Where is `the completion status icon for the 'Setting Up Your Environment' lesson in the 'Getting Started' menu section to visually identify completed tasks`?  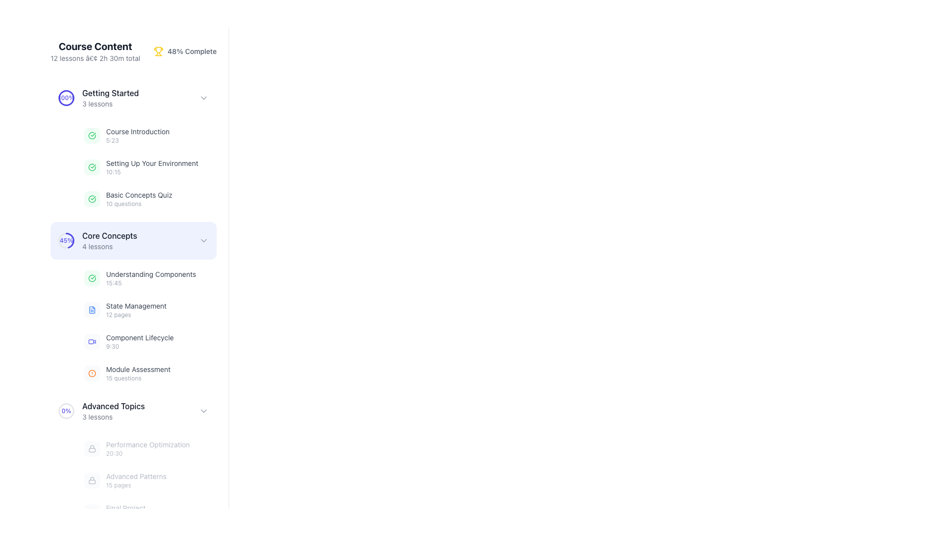 the completion status icon for the 'Setting Up Your Environment' lesson in the 'Getting Started' menu section to visually identify completed tasks is located at coordinates (92, 199).